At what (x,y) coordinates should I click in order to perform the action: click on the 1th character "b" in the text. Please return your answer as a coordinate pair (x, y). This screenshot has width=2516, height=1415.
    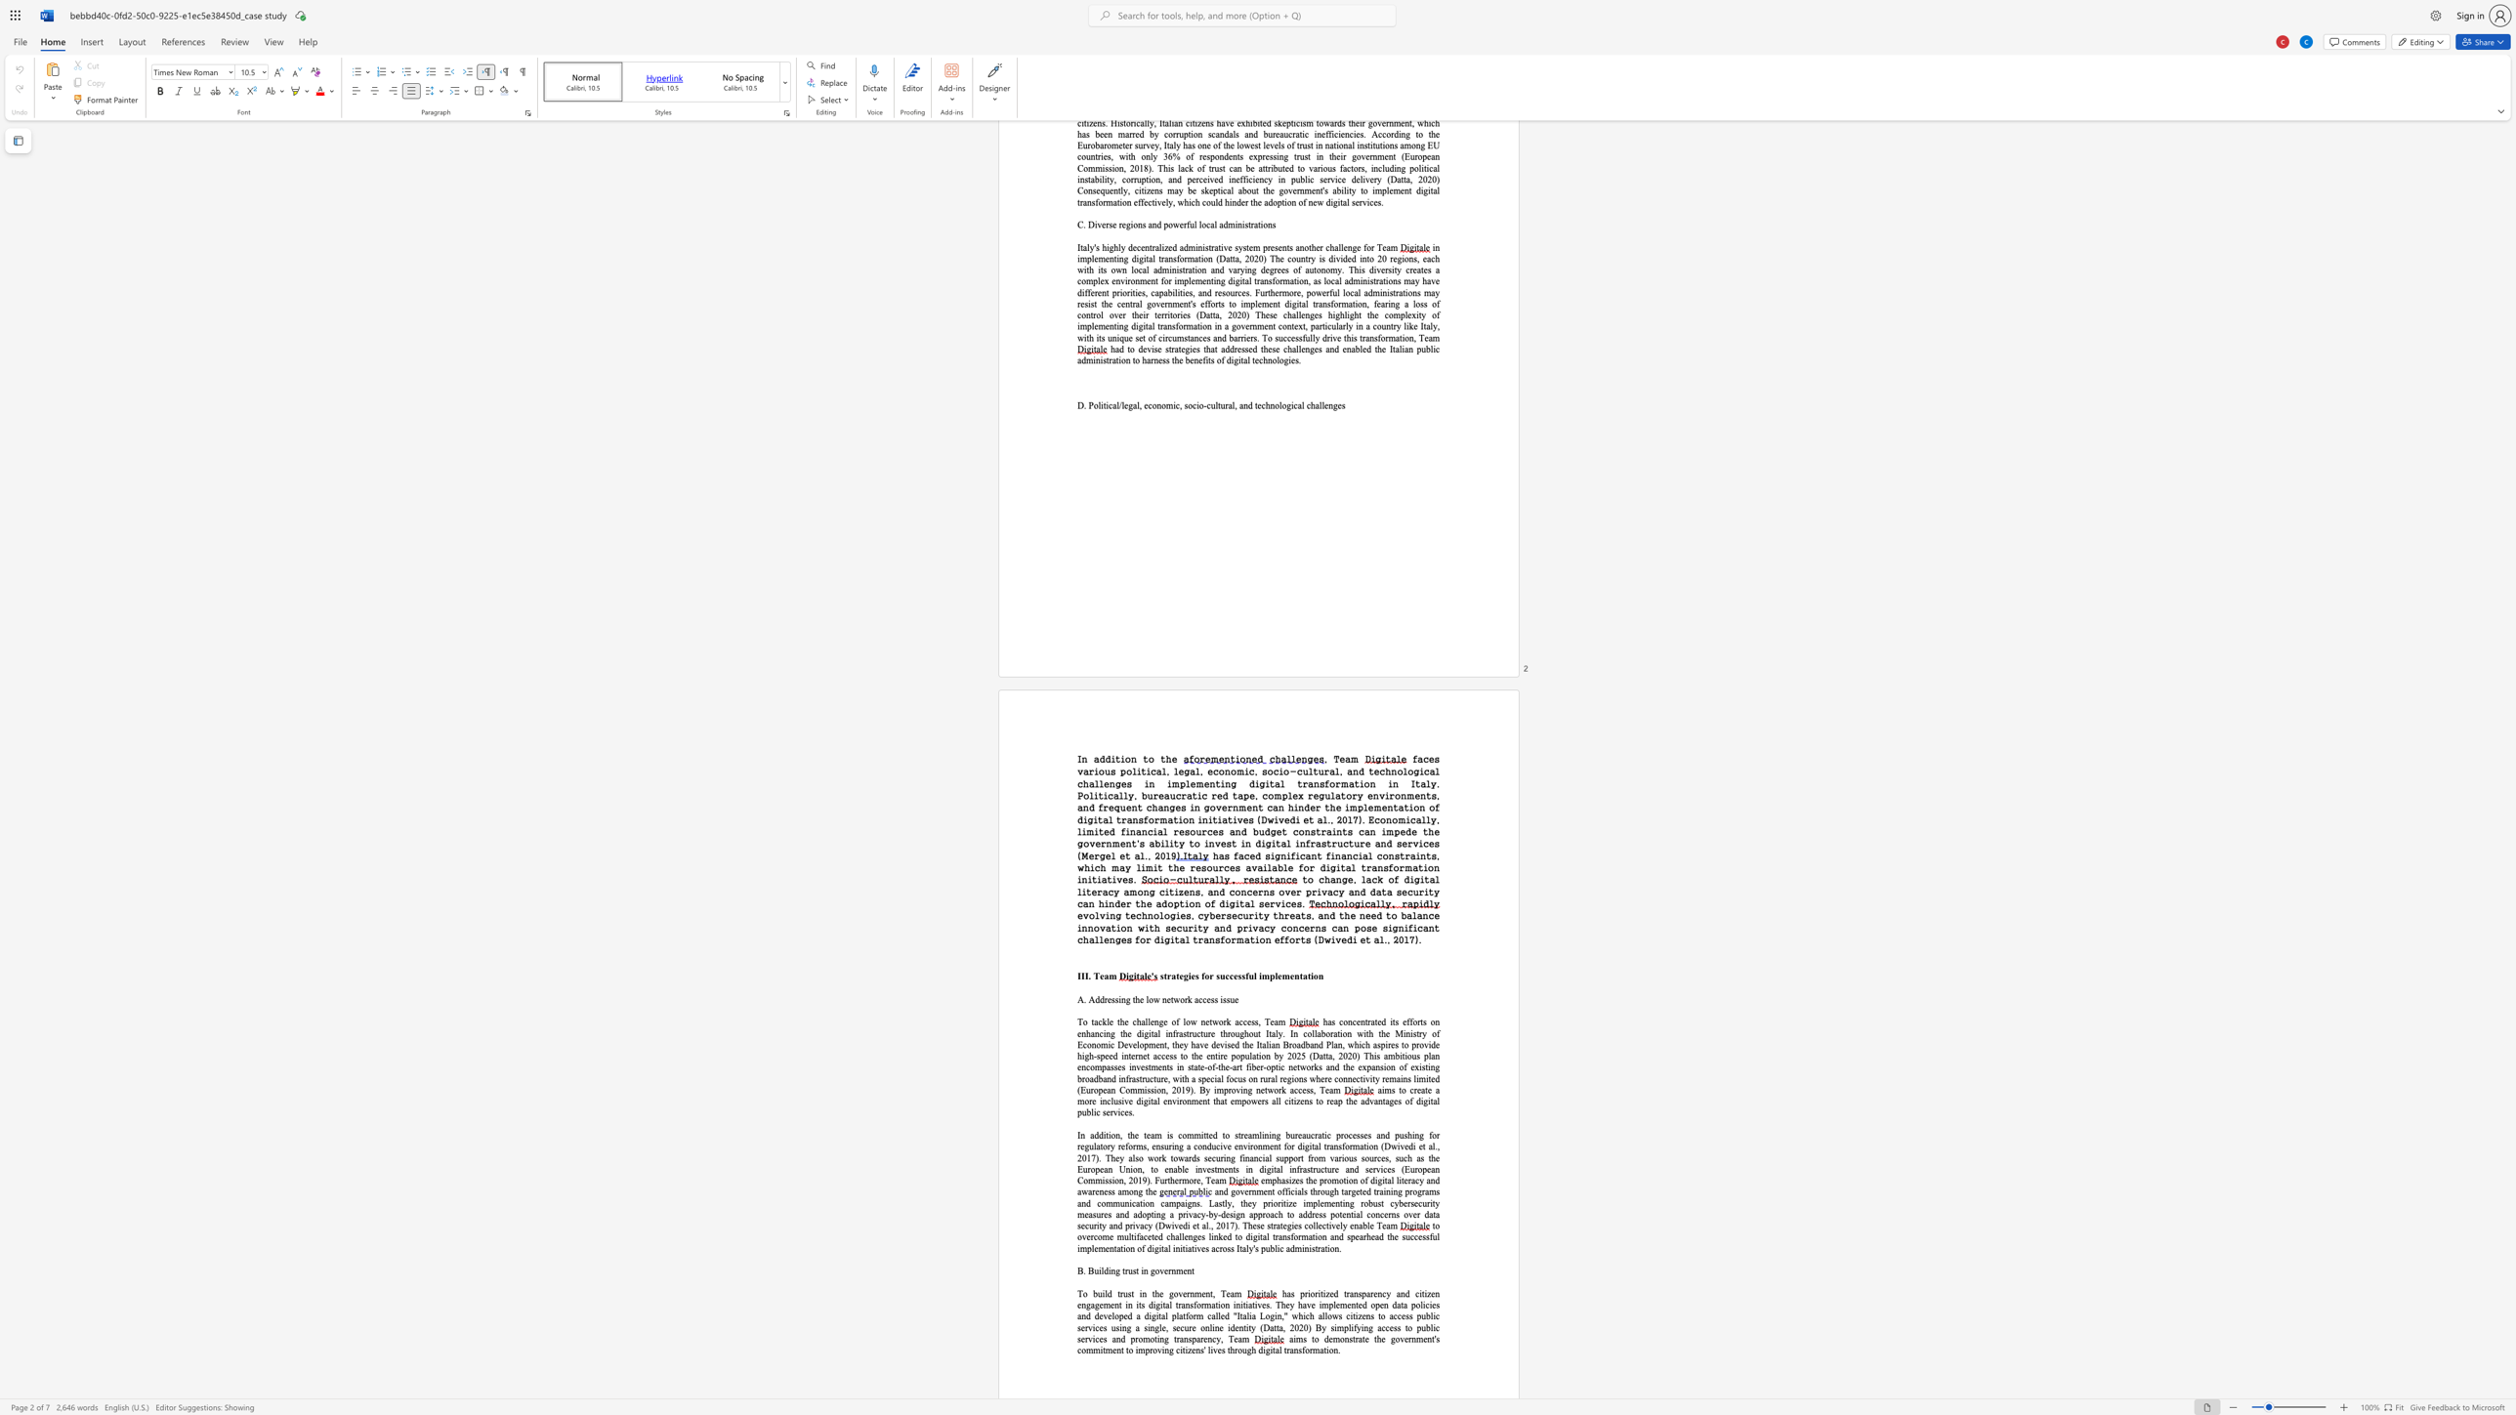
    Looking at the image, I should click on (1094, 1293).